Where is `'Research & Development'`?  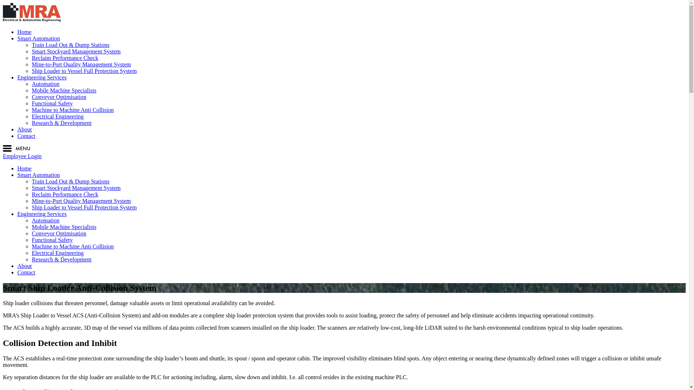 'Research & Development' is located at coordinates (61, 259).